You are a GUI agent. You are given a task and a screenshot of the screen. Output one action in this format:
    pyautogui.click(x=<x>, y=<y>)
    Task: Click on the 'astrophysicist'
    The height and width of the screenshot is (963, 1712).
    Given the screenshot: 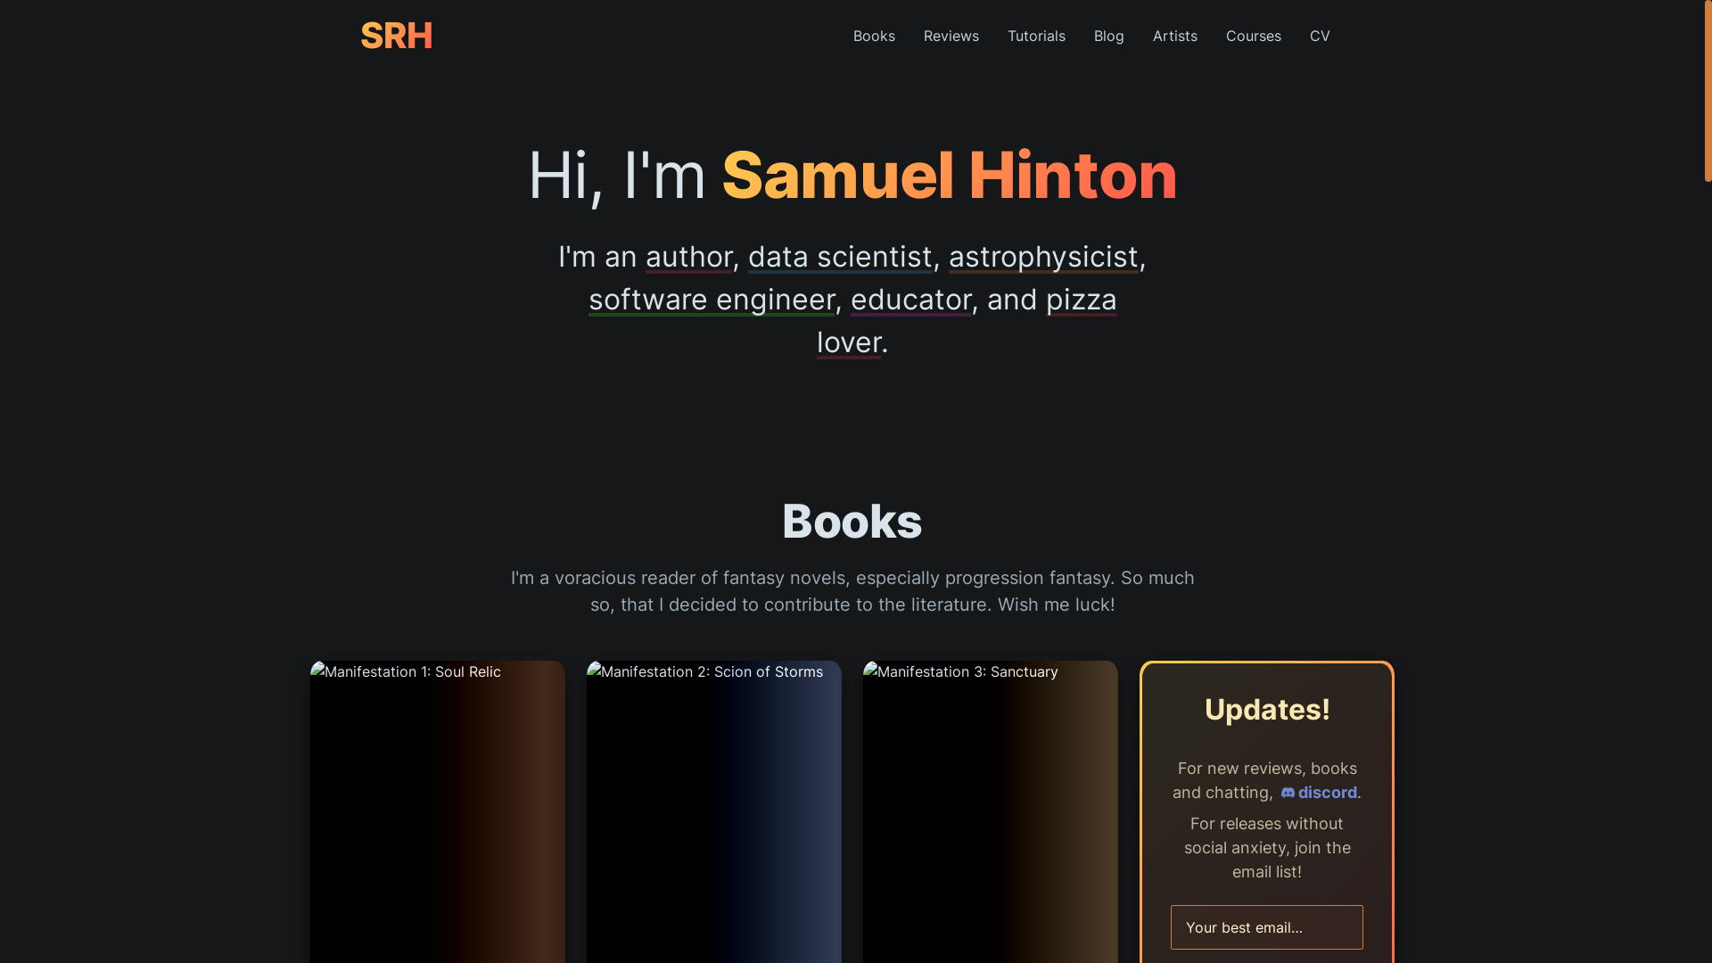 What is the action you would take?
    pyautogui.click(x=1043, y=256)
    